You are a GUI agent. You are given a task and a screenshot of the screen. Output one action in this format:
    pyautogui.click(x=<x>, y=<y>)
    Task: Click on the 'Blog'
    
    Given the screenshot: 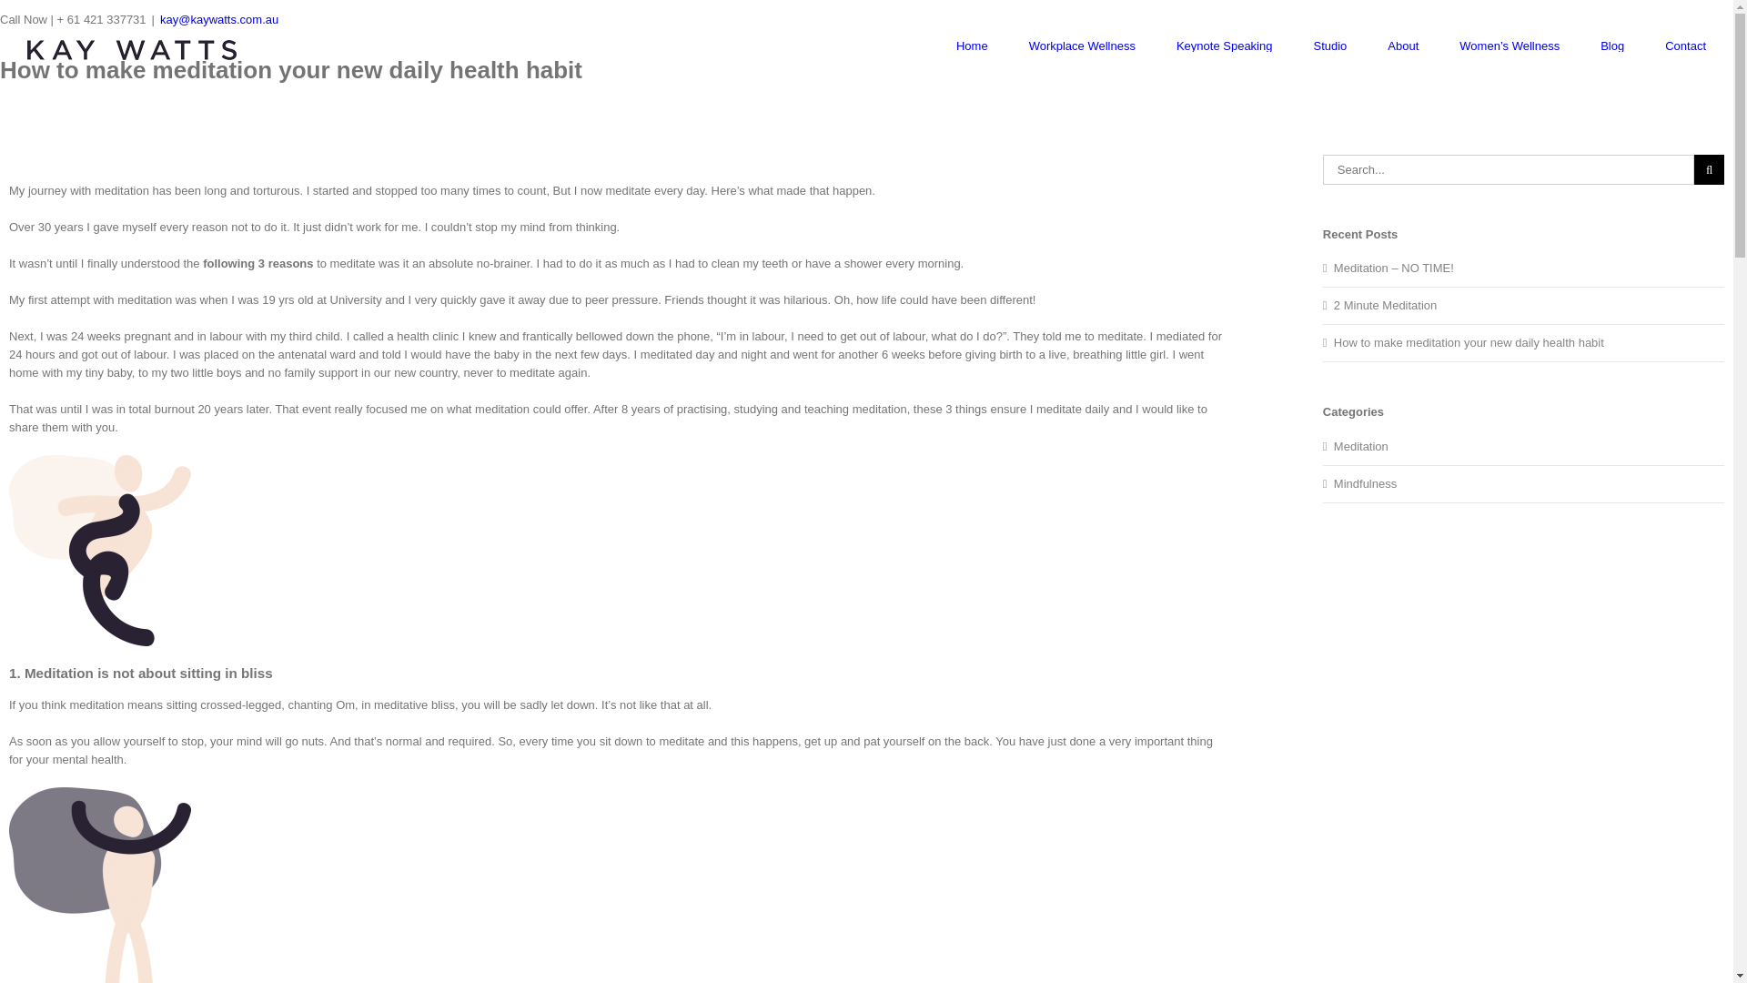 What is the action you would take?
    pyautogui.click(x=1611, y=45)
    